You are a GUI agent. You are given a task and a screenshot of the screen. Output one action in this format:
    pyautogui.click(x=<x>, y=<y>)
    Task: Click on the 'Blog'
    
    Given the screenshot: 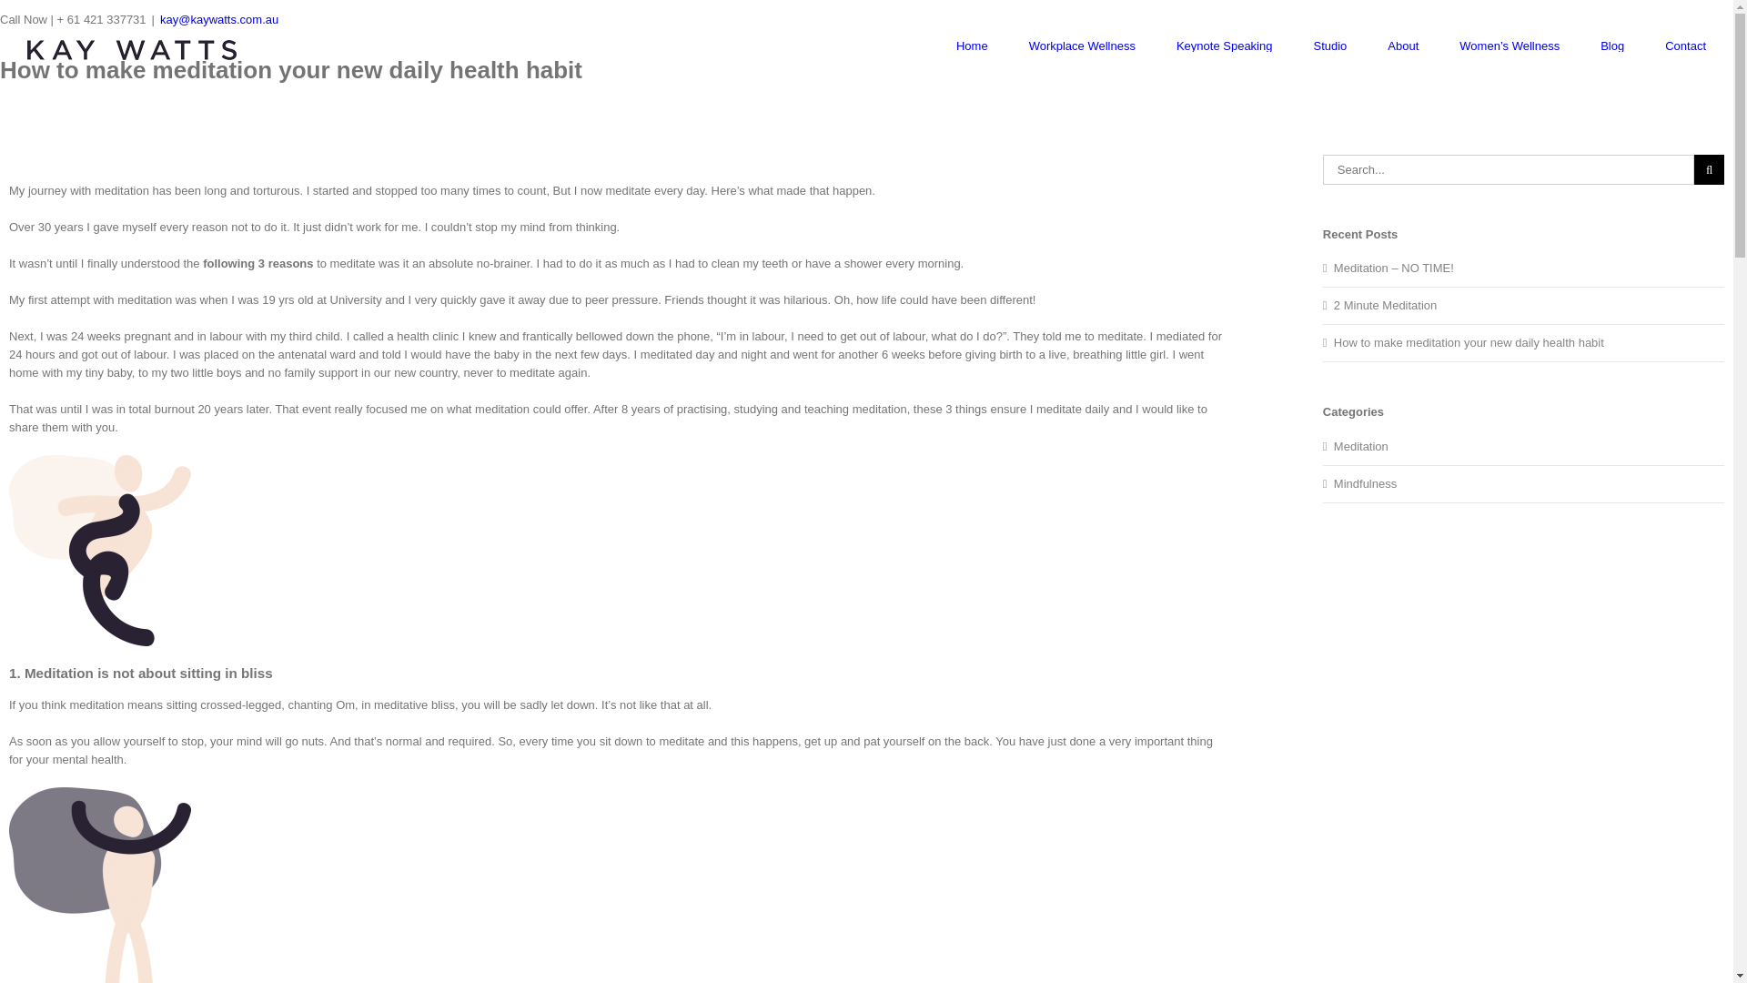 What is the action you would take?
    pyautogui.click(x=1611, y=45)
    